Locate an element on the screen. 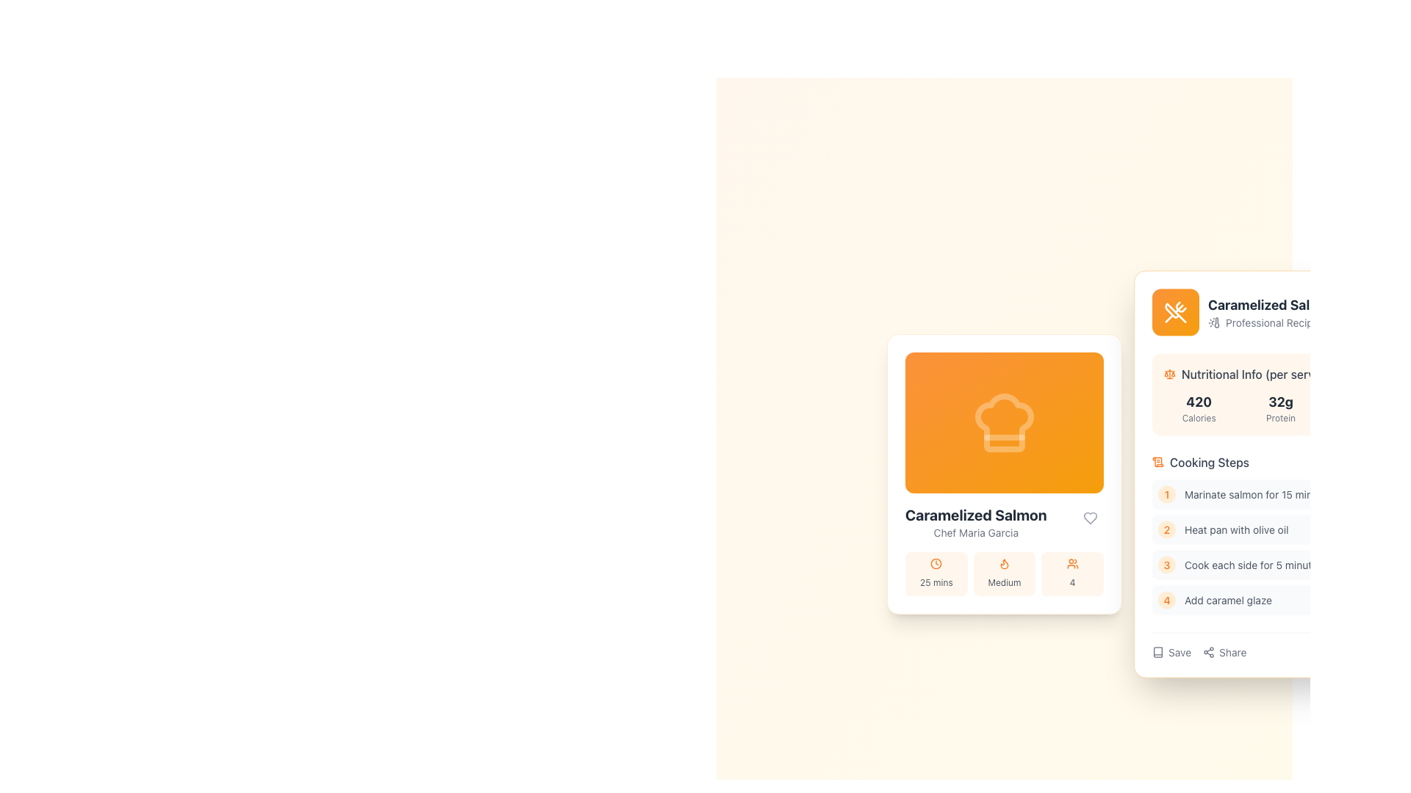 The image size is (1411, 793). the small circular light orange icon with a darker orange number '1' in its center, which serves as a visual marker or step counter for the cooking guide, located at the top-left corner of the step's description 'Marinate salmon for 15 minutes' is located at coordinates (1166, 494).